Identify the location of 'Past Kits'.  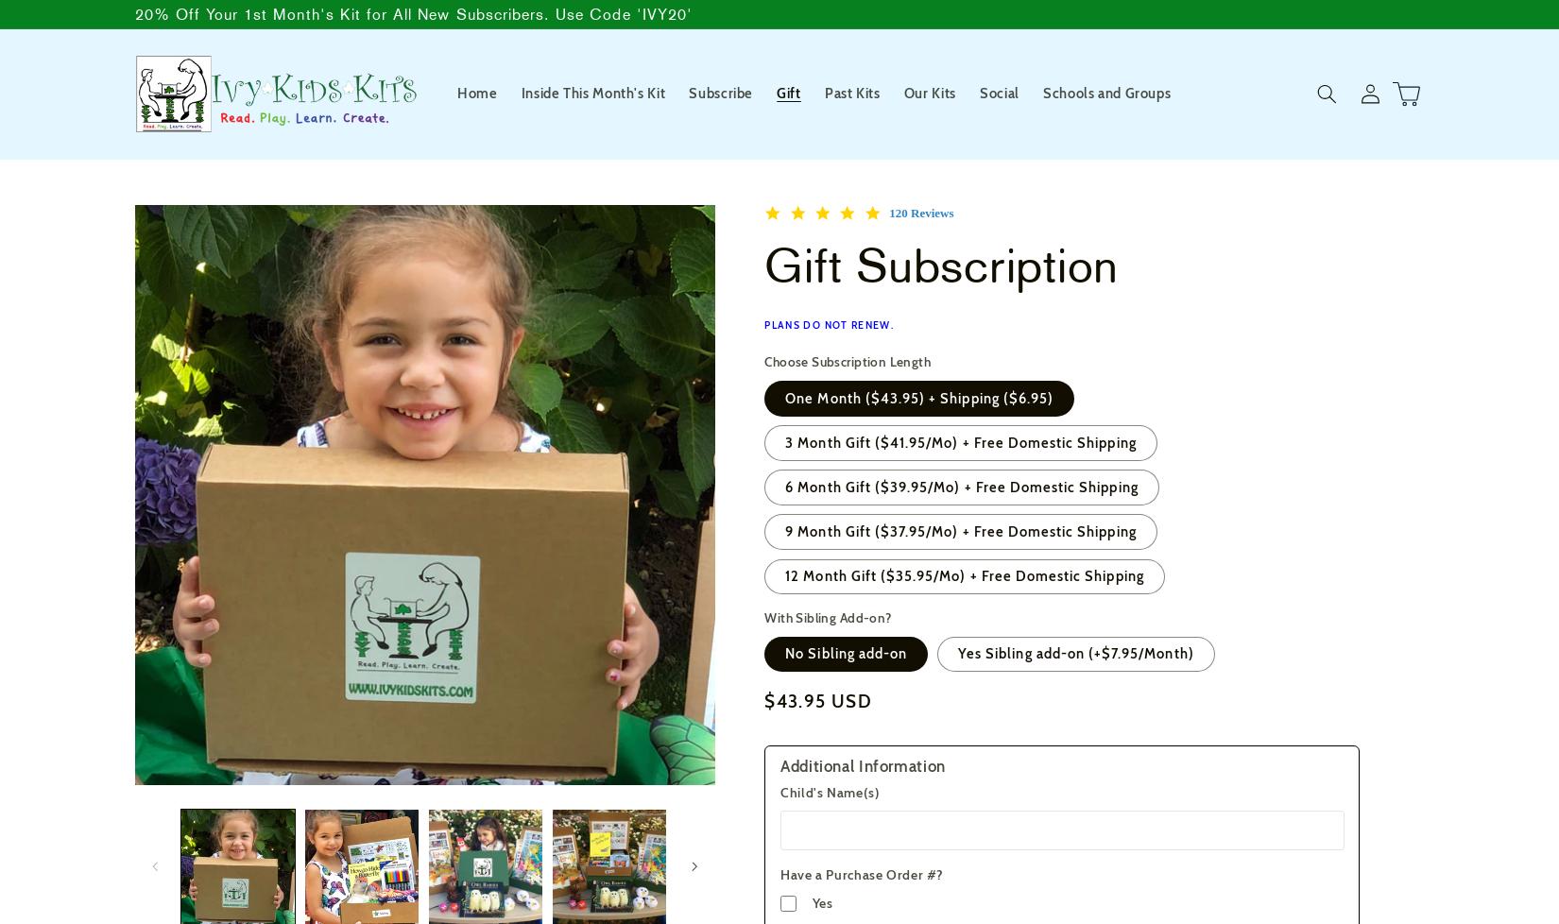
(851, 93).